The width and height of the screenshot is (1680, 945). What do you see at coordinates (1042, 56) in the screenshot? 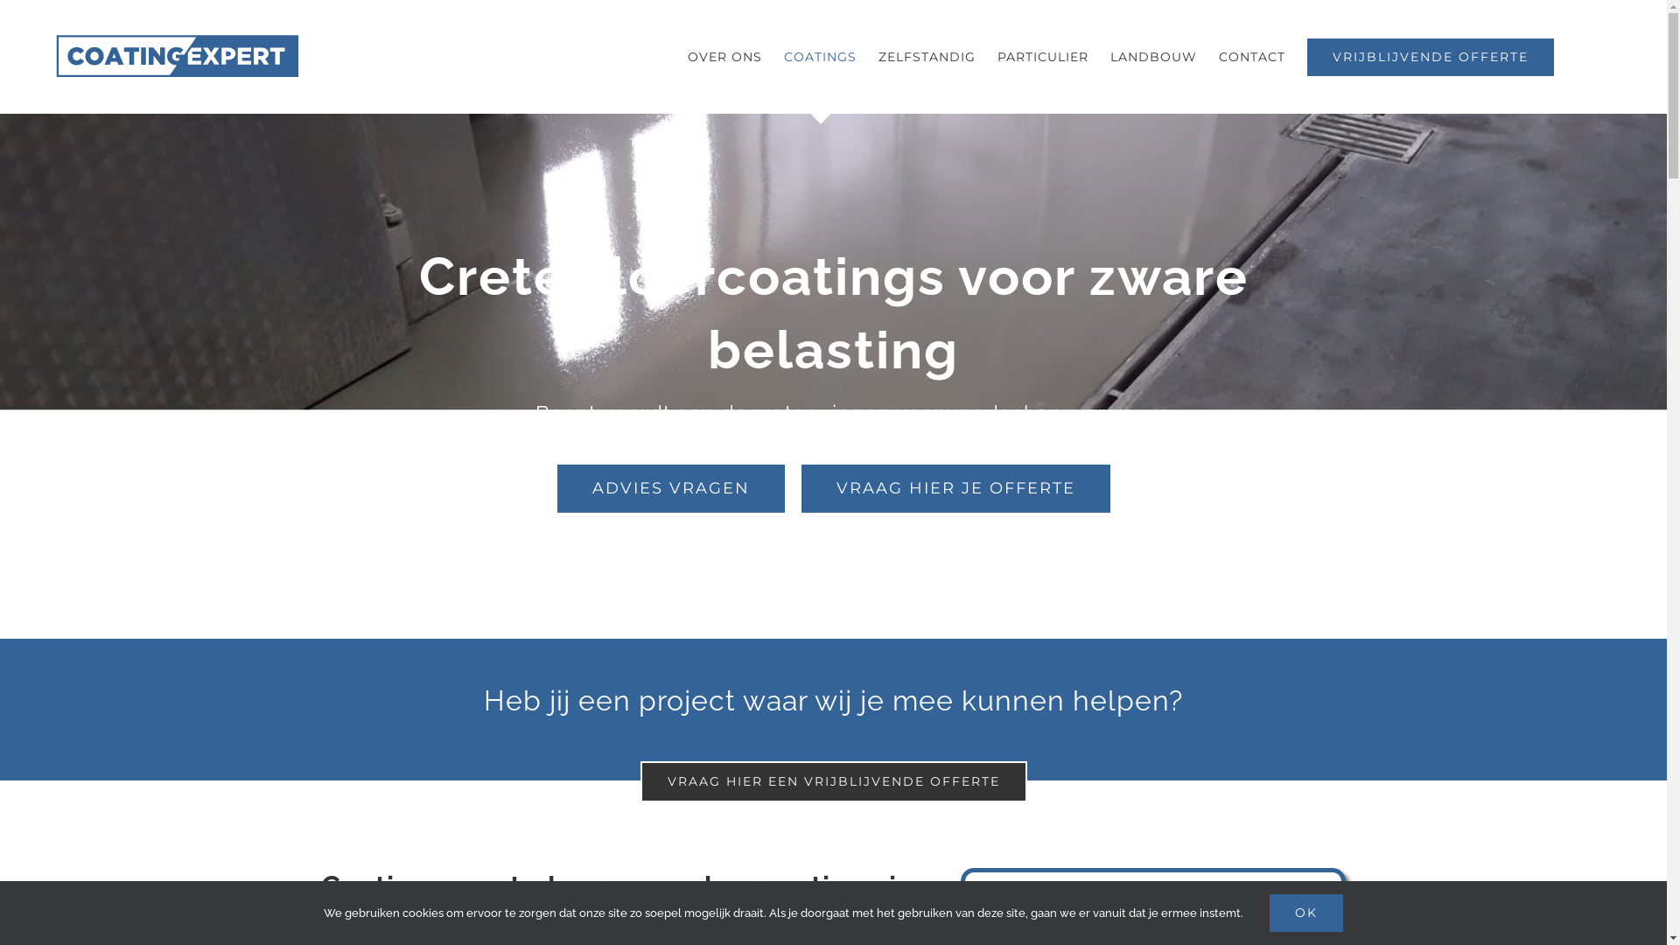
I see `'PARTICULIER'` at bounding box center [1042, 56].